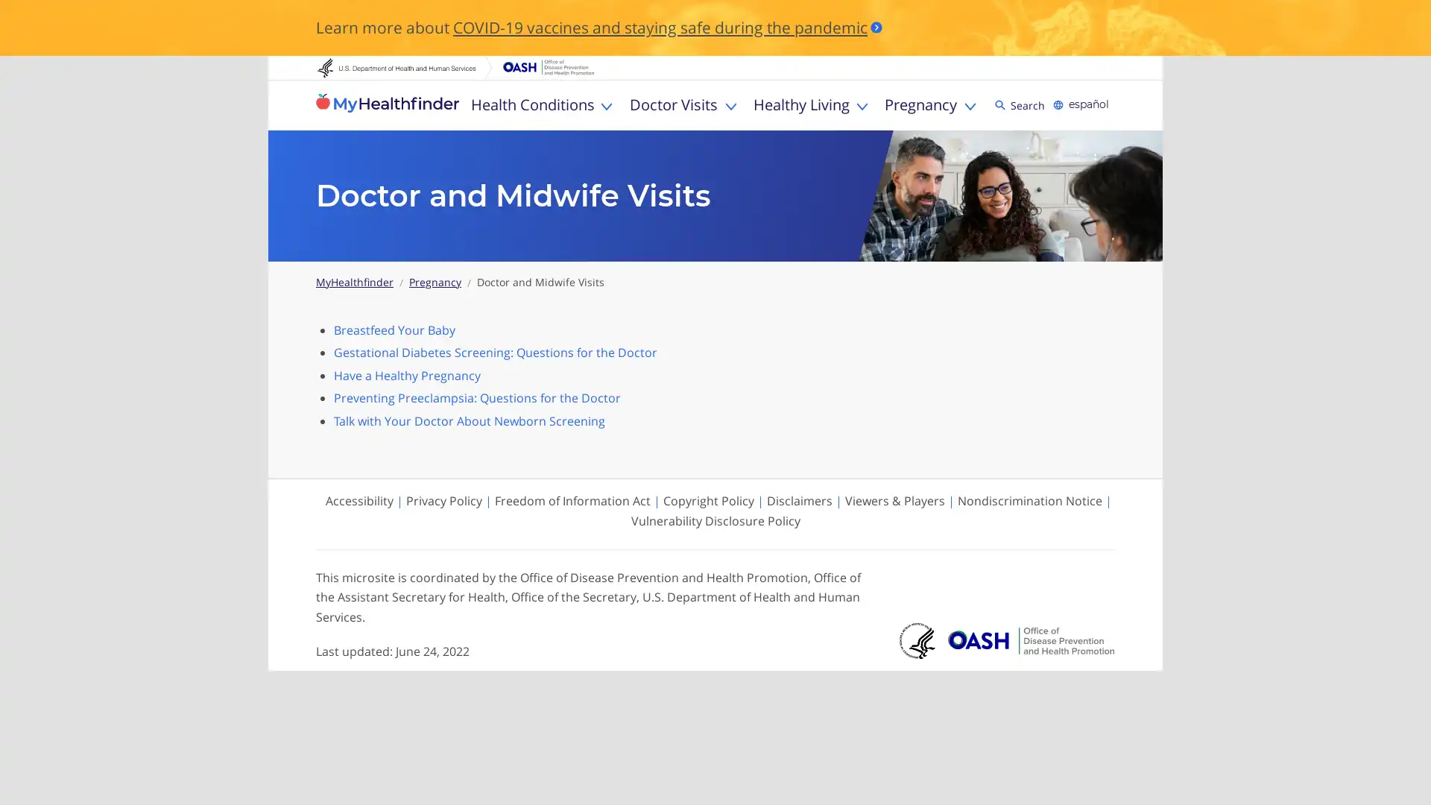 The height and width of the screenshot is (805, 1431). I want to click on Search, so click(1021, 104).